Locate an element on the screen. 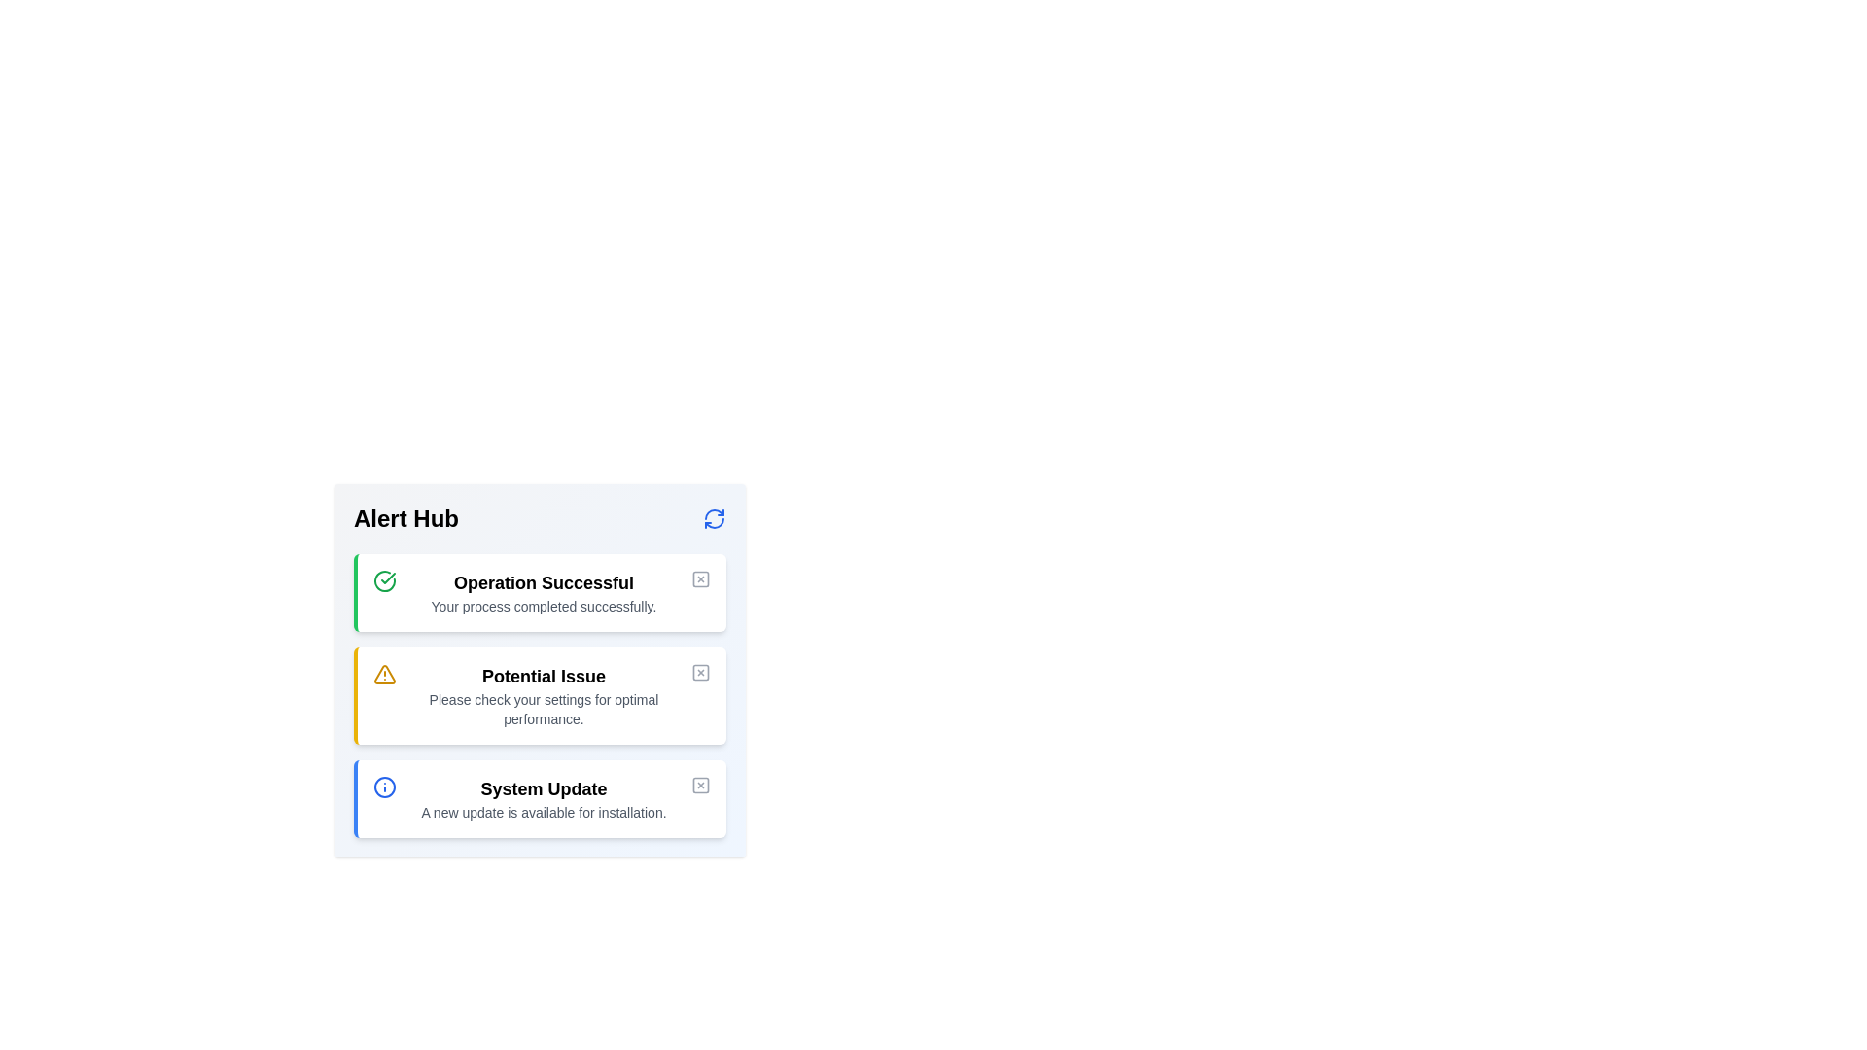 Image resolution: width=1867 pixels, height=1050 pixels. blue circular icon with an 'i' symbol inside, located on the far left side of the 'System Update' notification card, positioned as the third item in the vertical stack is located at coordinates (384, 787).